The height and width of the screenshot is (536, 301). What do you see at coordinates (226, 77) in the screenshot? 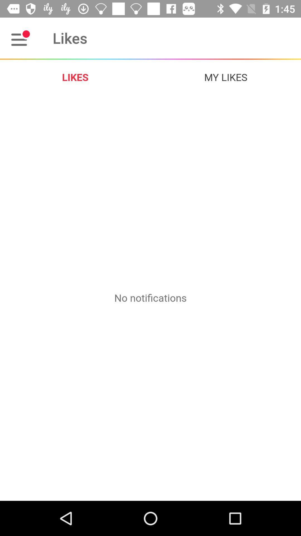
I see `the icon at the top right corner` at bounding box center [226, 77].